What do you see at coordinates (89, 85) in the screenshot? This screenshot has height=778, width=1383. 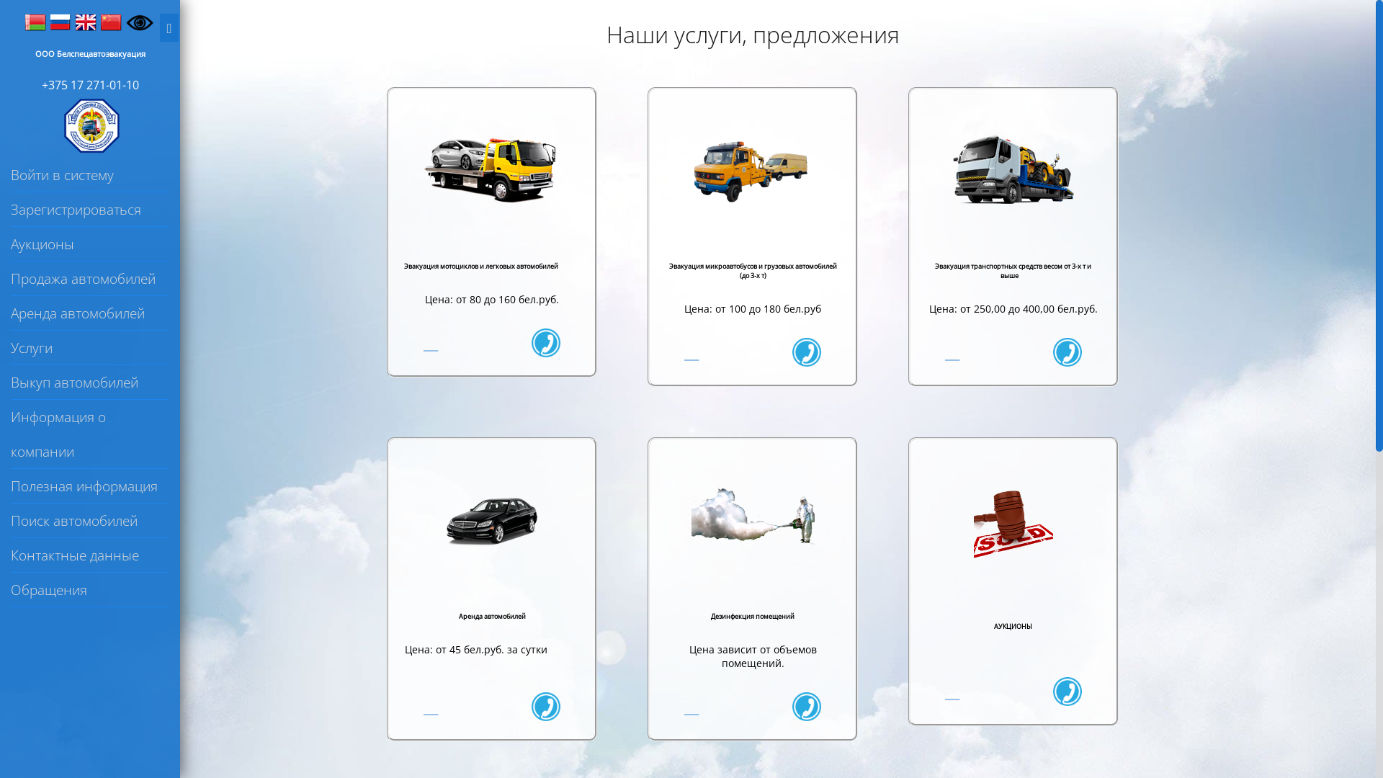 I see `'+375 17 271-01-10'` at bounding box center [89, 85].